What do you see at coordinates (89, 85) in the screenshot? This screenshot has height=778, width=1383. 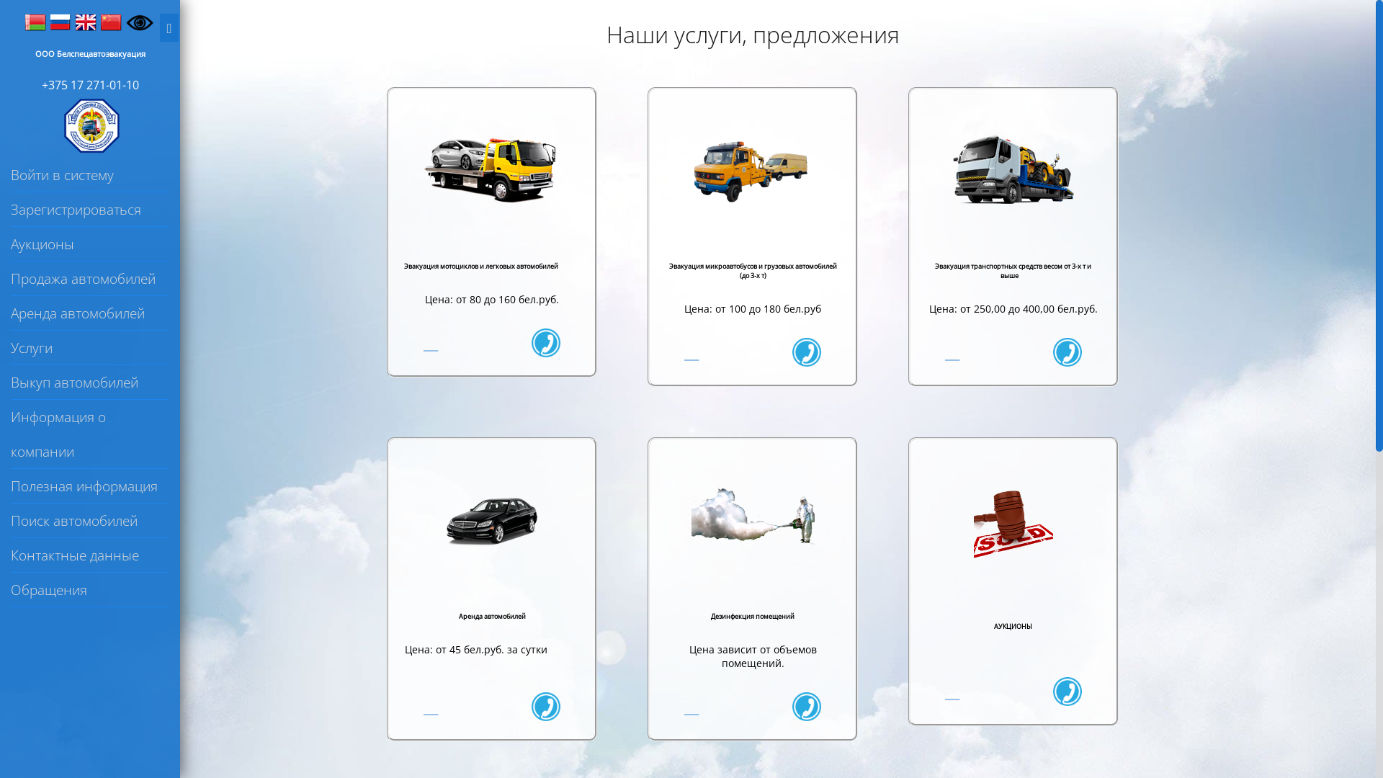 I see `'+375 17 271-01-10'` at bounding box center [89, 85].